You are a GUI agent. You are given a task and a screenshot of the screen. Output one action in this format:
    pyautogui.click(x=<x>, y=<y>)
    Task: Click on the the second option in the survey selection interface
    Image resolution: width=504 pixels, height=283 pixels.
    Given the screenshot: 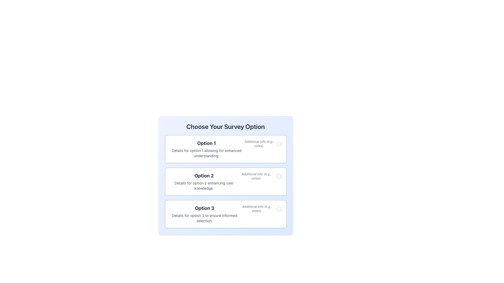 What is the action you would take?
    pyautogui.click(x=225, y=175)
    